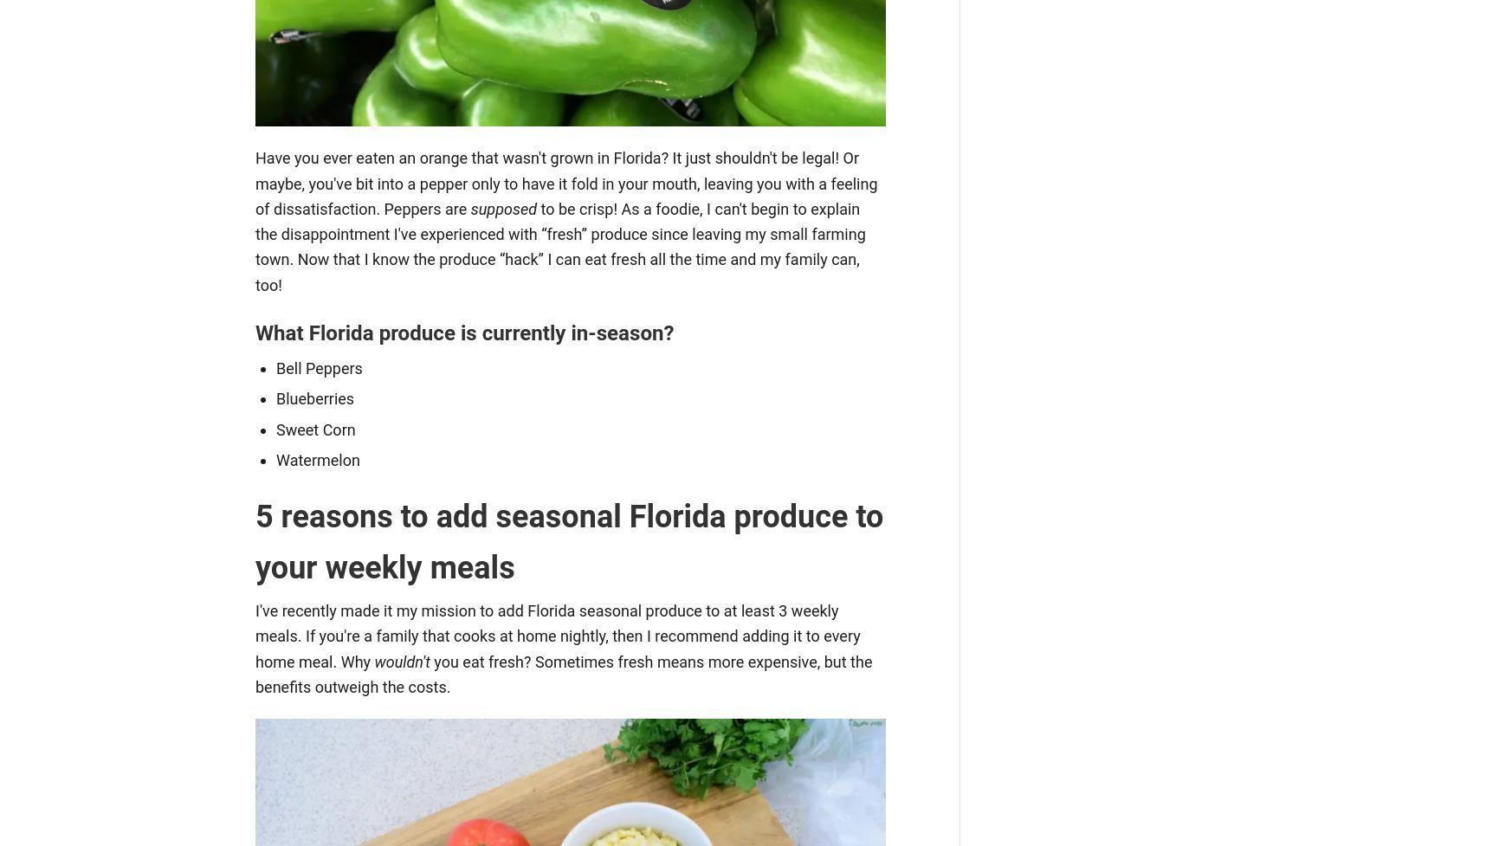 The height and width of the screenshot is (846, 1486). What do you see at coordinates (563, 673) in the screenshot?
I see `'you eat fresh? Sometimes fresh means more expensive, but the benefits outweigh the costs.'` at bounding box center [563, 673].